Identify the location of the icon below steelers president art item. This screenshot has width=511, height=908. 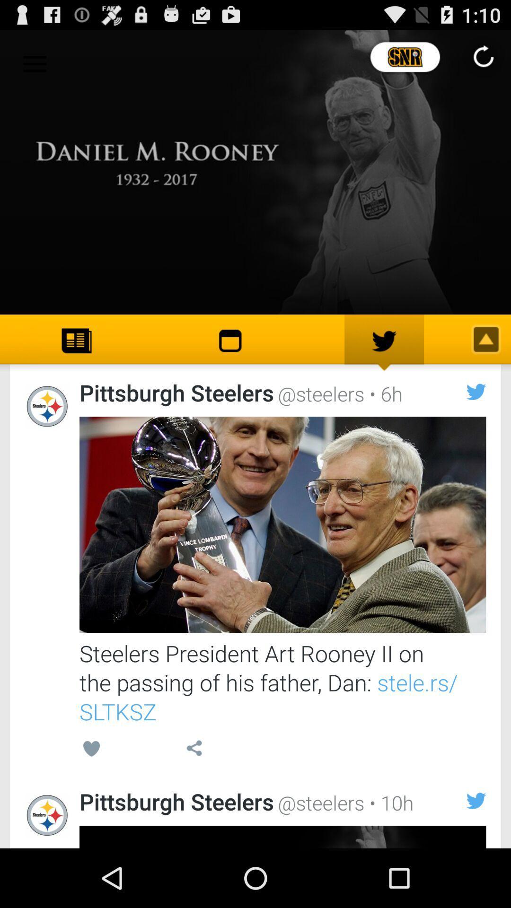
(91, 750).